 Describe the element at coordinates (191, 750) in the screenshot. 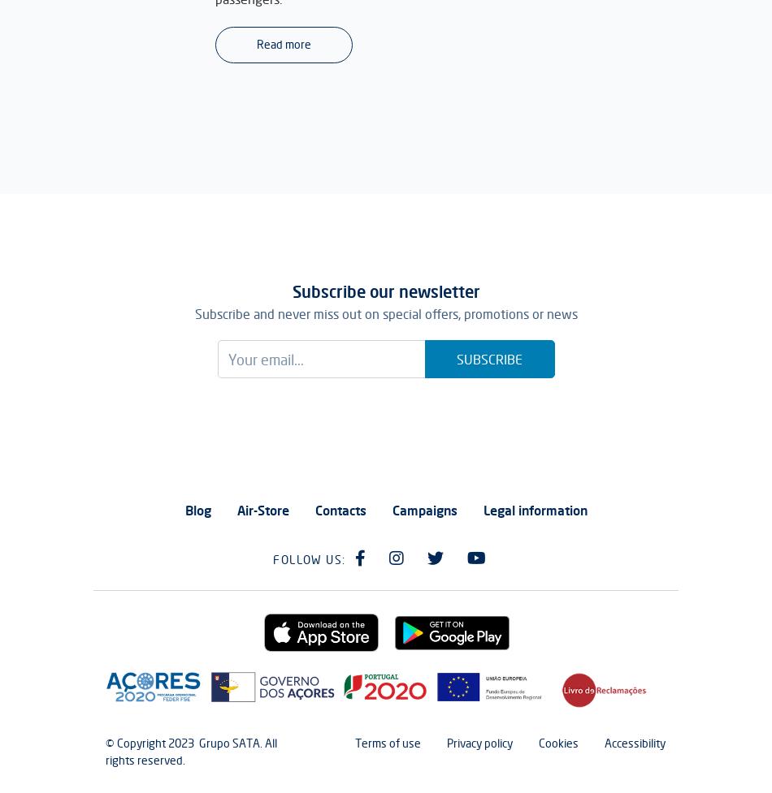

I see `'Grupo SATA. All rights reserved.'` at that location.